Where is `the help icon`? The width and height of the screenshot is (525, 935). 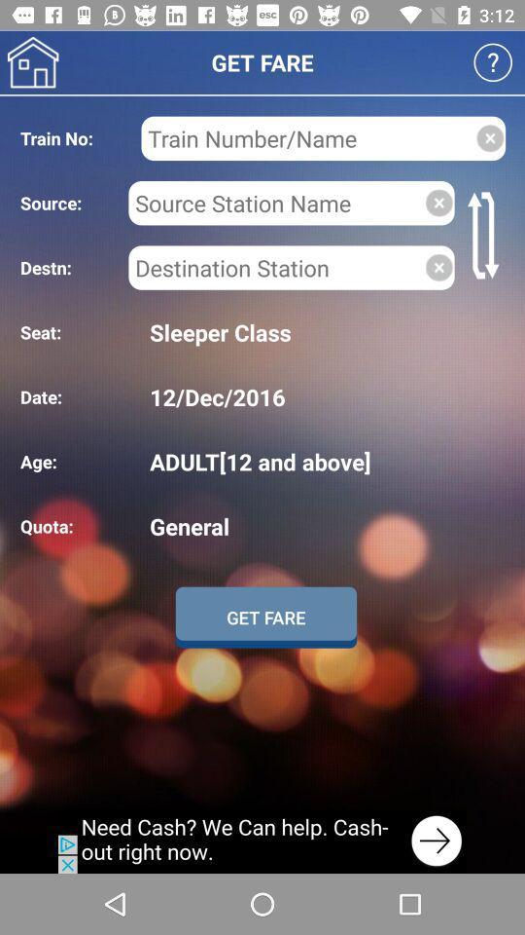 the help icon is located at coordinates (493, 62).